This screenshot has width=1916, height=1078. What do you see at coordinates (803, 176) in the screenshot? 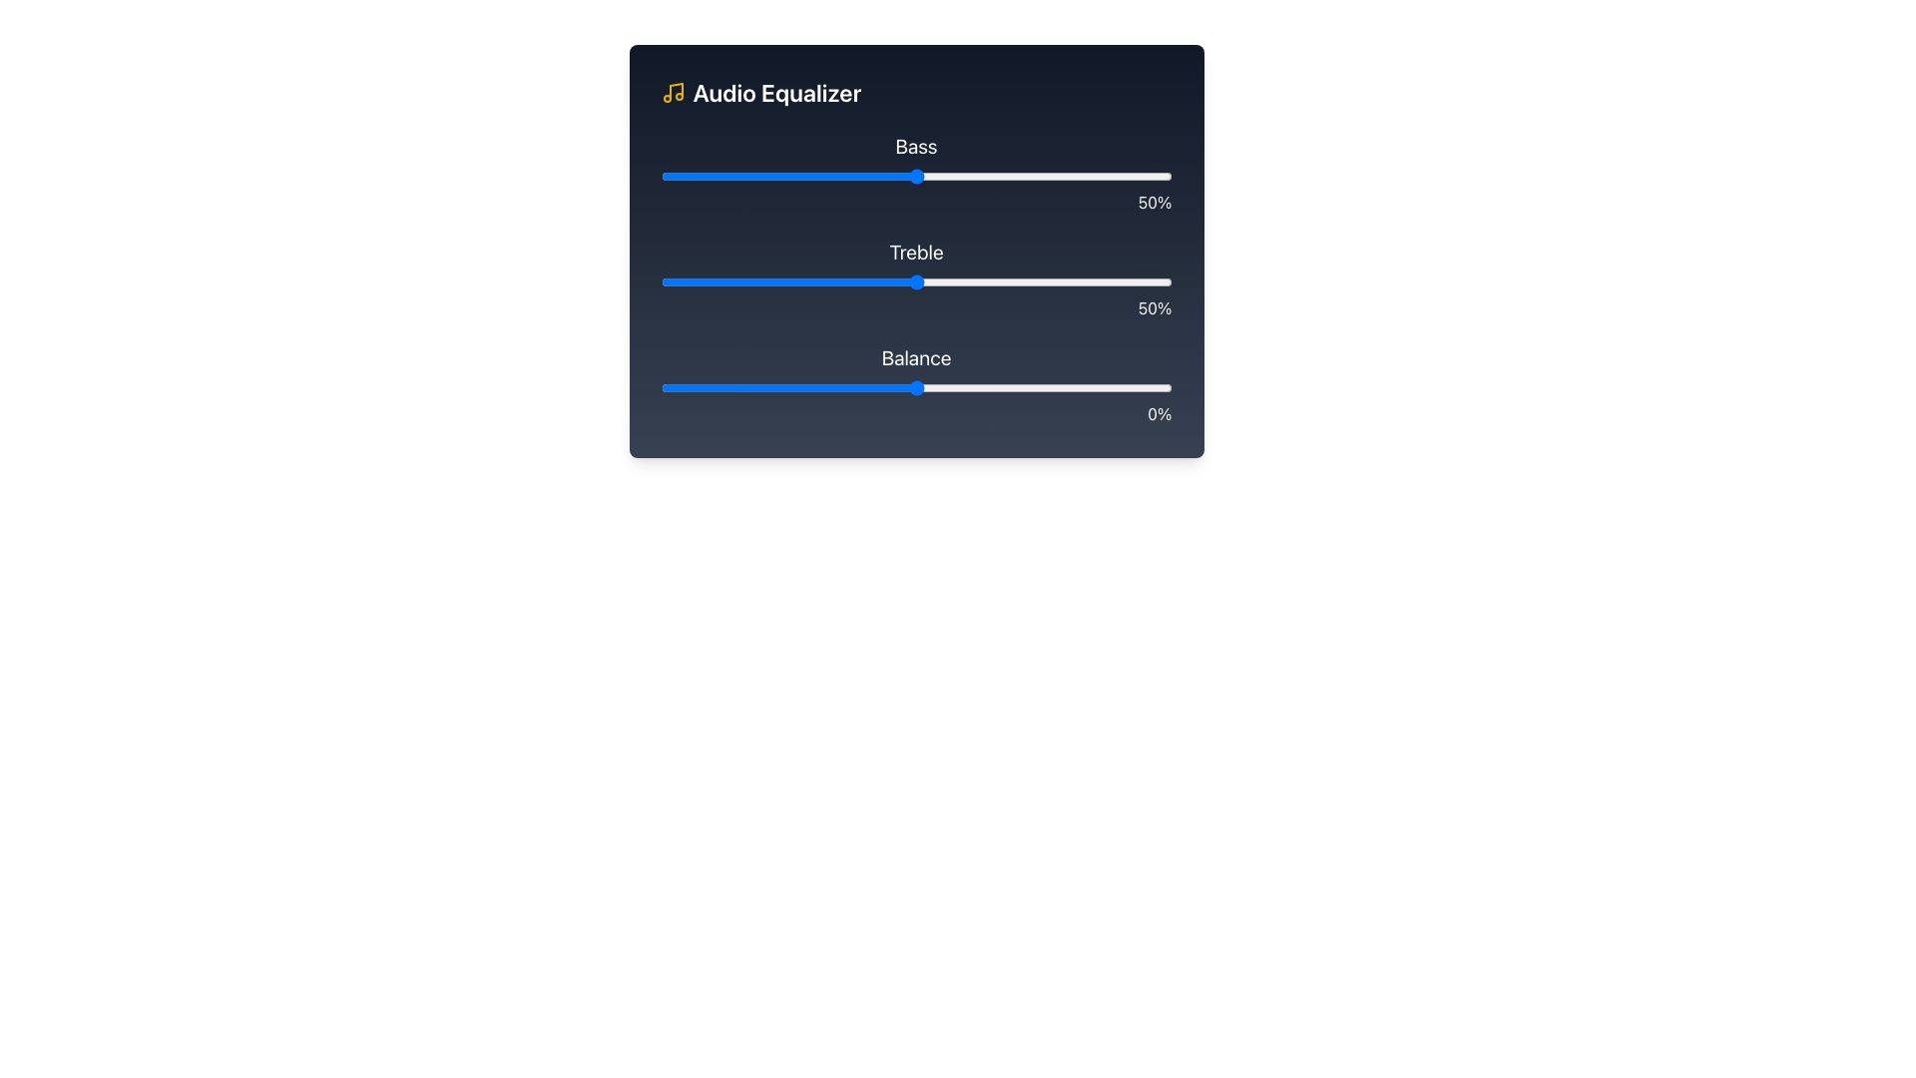
I see `the Bass level` at bounding box center [803, 176].